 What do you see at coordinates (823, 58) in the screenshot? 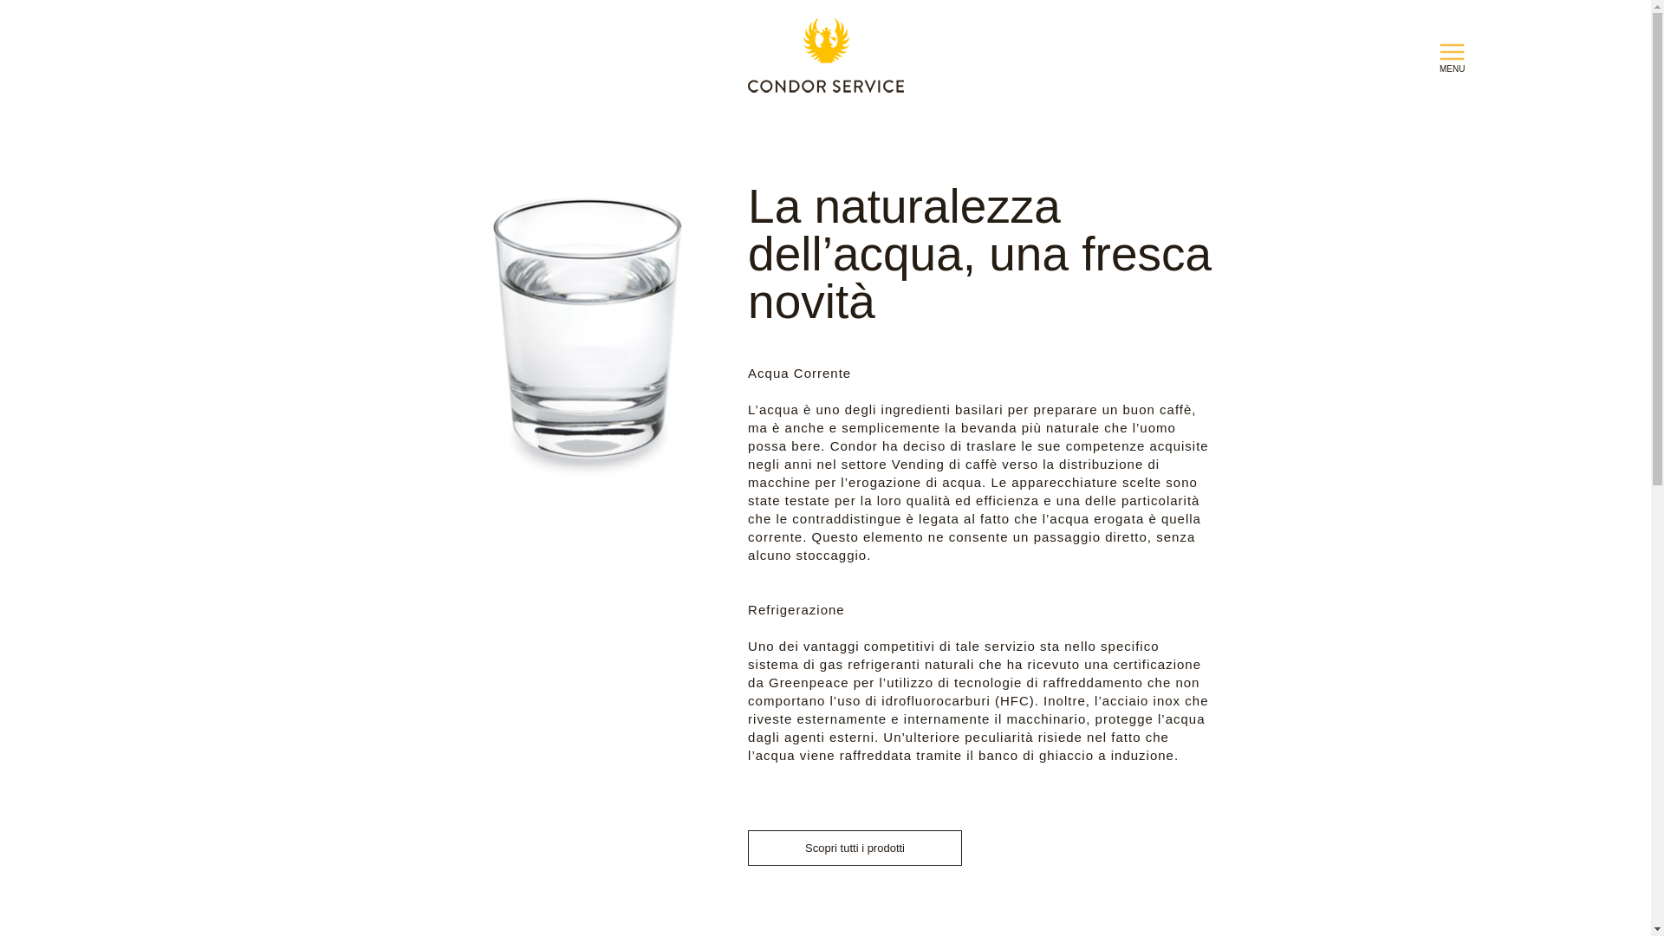
I see `'logo'` at bounding box center [823, 58].